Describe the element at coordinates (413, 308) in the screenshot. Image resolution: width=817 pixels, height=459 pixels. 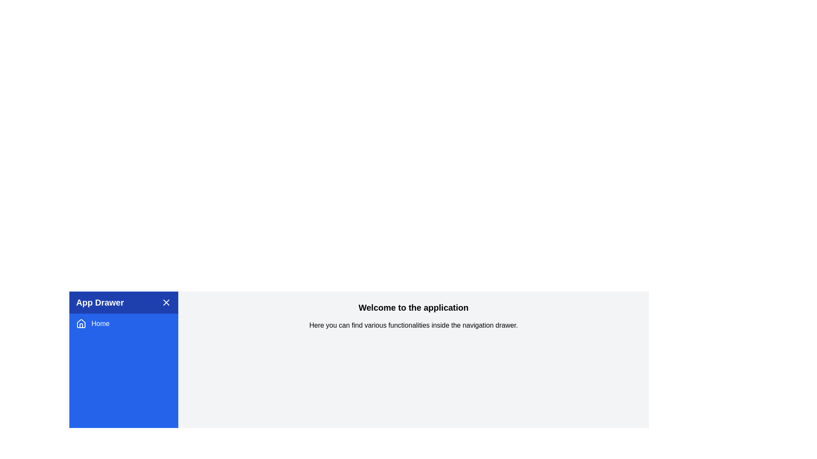
I see `the welcoming Text Header that introduces the application, positioned centrally above the descriptive text` at that location.